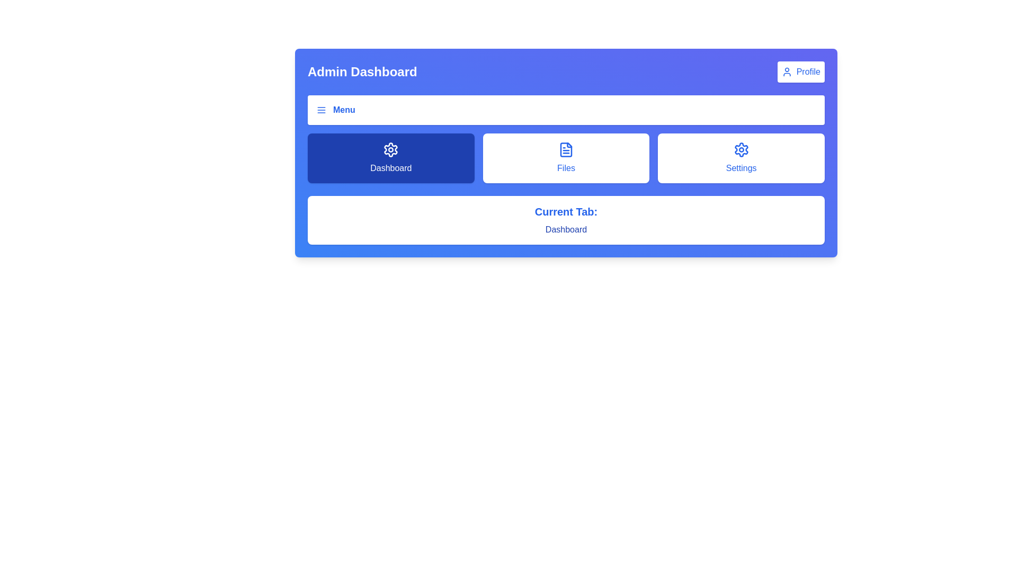 The image size is (1017, 572). I want to click on the 'Profile' button, which has a blue user icon and matching text, located at the top-right corner of the interface next to the 'Admin Dashboard' title, so click(801, 71).